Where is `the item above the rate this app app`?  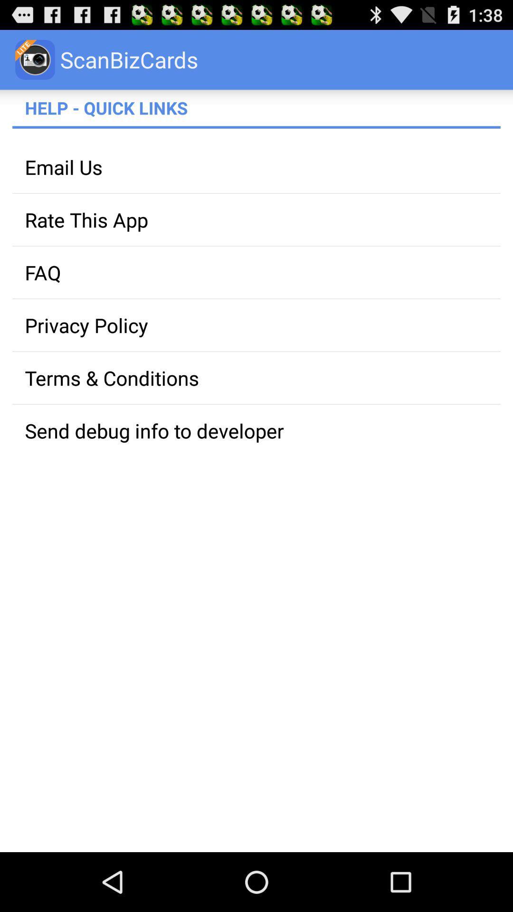
the item above the rate this app app is located at coordinates (256, 167).